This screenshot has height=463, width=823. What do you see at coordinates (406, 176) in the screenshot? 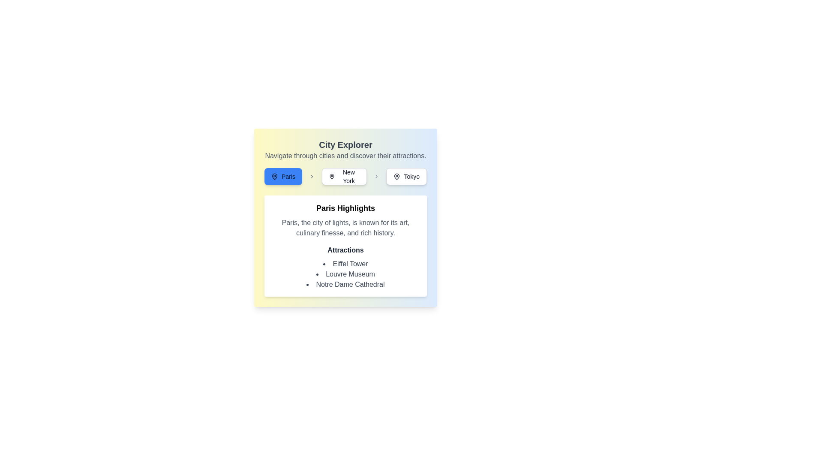
I see `the 'Tokyo' button, which is a rectangular button with rounded corners, a white background, and a small map pin icon on the left` at bounding box center [406, 176].